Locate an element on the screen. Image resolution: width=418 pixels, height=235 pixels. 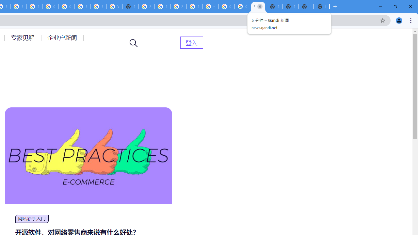
'New Tab' is located at coordinates (290, 7).